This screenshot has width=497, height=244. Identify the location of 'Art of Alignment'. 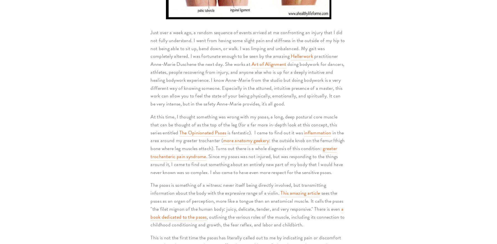
(268, 64).